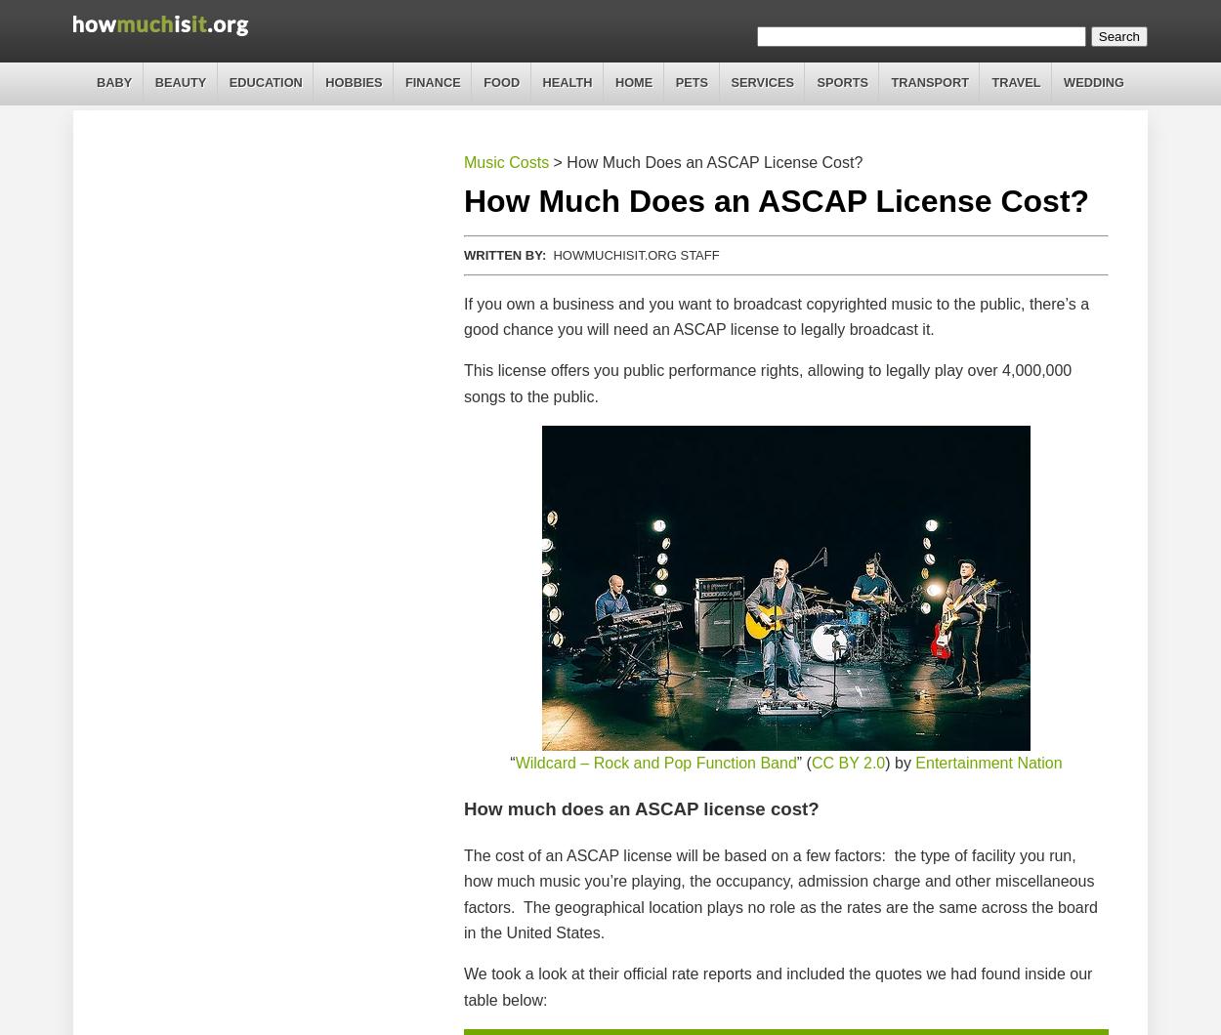 Image resolution: width=1221 pixels, height=1035 pixels. I want to click on 'Education', so click(265, 82).